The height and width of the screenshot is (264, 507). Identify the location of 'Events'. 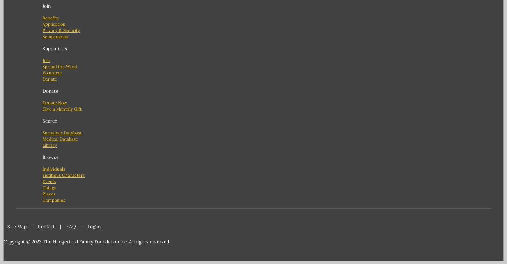
(49, 180).